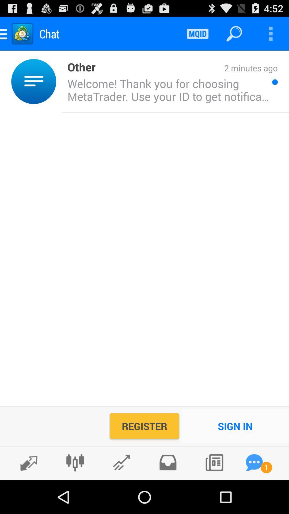 This screenshot has height=514, width=289. What do you see at coordinates (168, 462) in the screenshot?
I see `history` at bounding box center [168, 462].